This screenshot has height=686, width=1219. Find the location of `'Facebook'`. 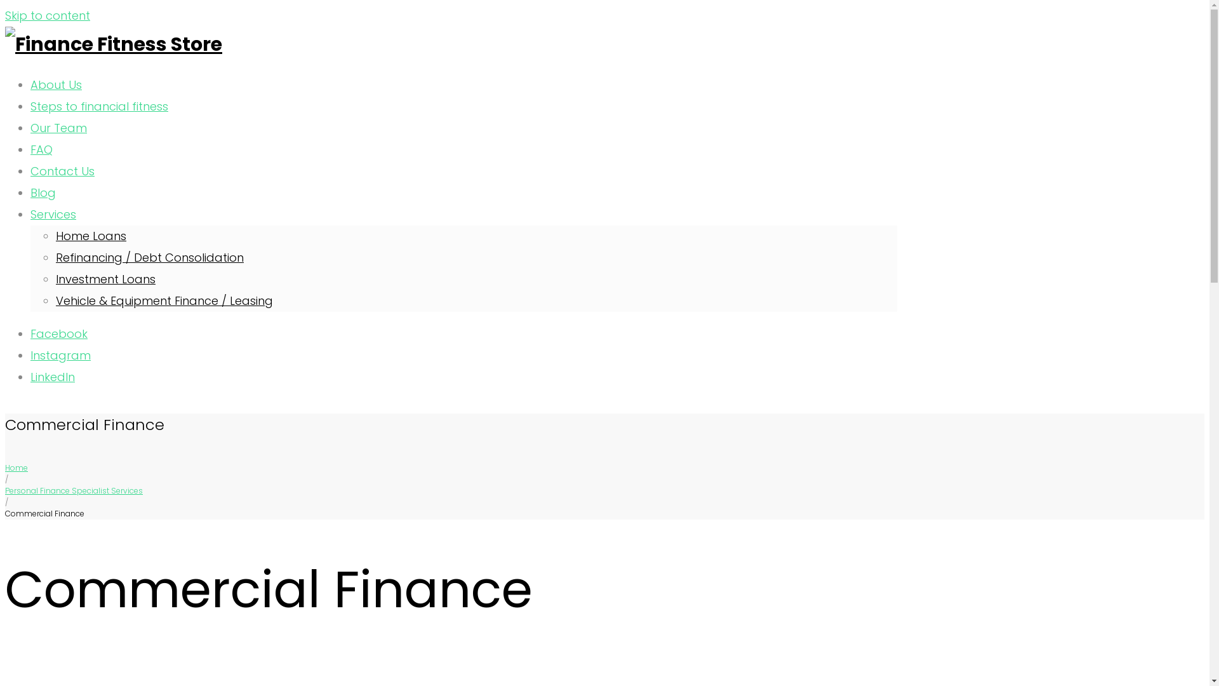

'Facebook' is located at coordinates (30, 333).